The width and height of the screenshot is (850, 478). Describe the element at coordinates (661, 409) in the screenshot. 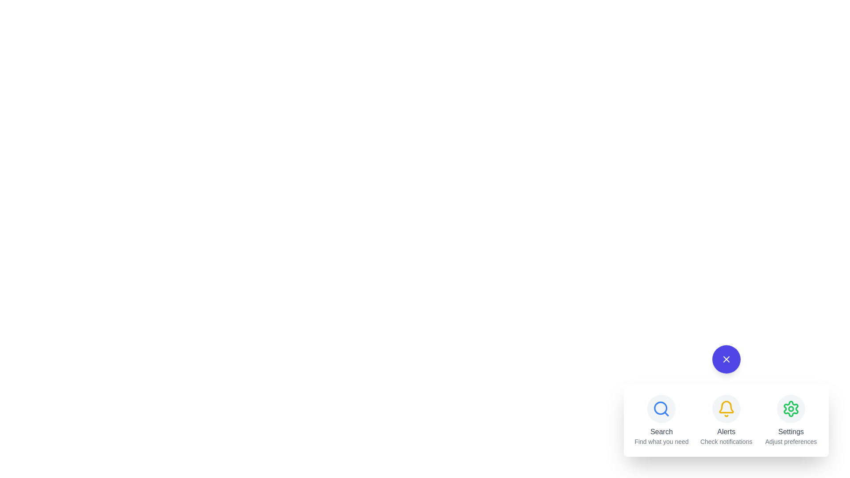

I see `the Search button to perform its action` at that location.